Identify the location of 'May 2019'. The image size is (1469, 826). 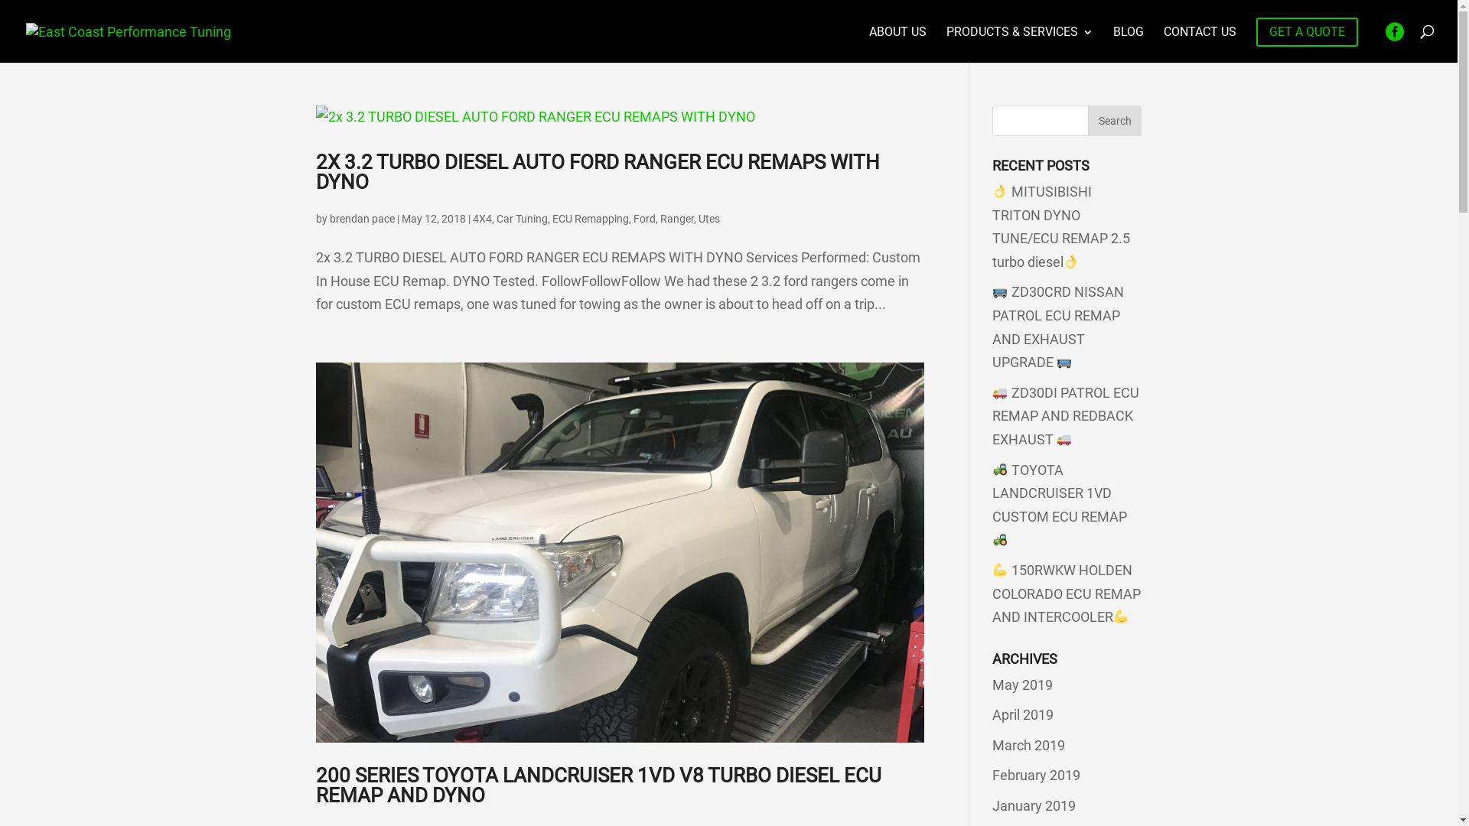
(1022, 684).